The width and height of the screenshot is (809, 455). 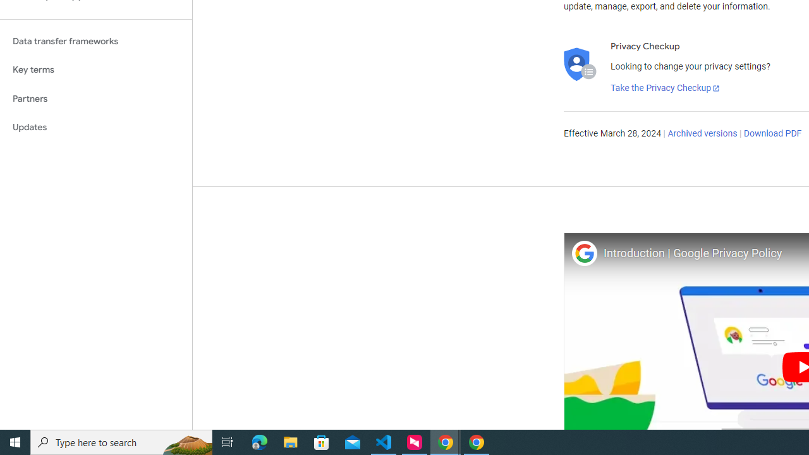 What do you see at coordinates (95, 70) in the screenshot?
I see `'Key terms'` at bounding box center [95, 70].